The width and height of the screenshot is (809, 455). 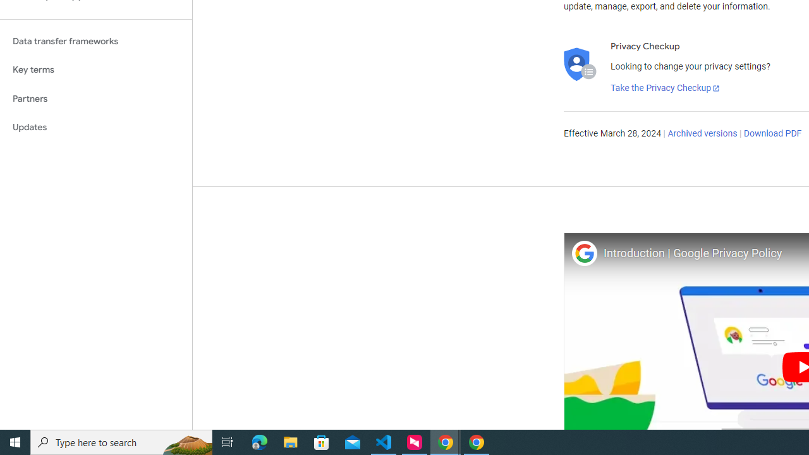 What do you see at coordinates (95, 70) in the screenshot?
I see `'Key terms'` at bounding box center [95, 70].